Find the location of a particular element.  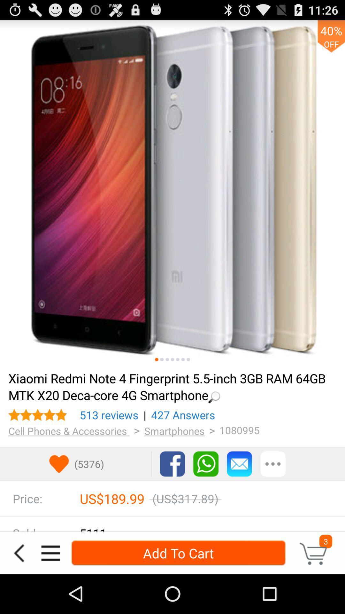

icon to the left of 1080995 is located at coordinates (183, 415).